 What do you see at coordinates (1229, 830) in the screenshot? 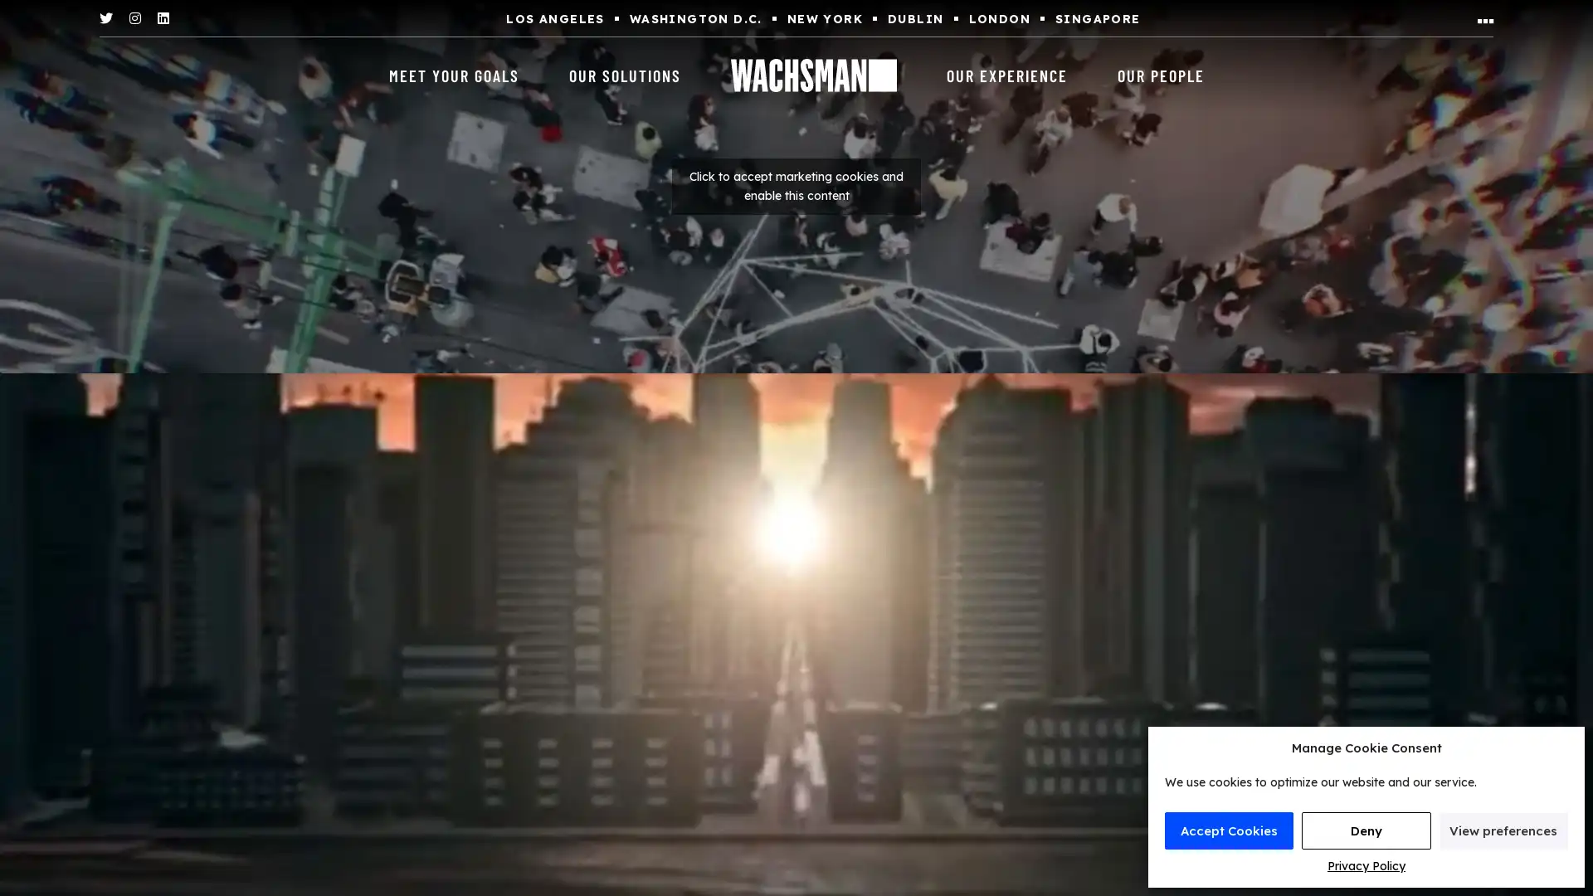
I see `Accept Cookies` at bounding box center [1229, 830].